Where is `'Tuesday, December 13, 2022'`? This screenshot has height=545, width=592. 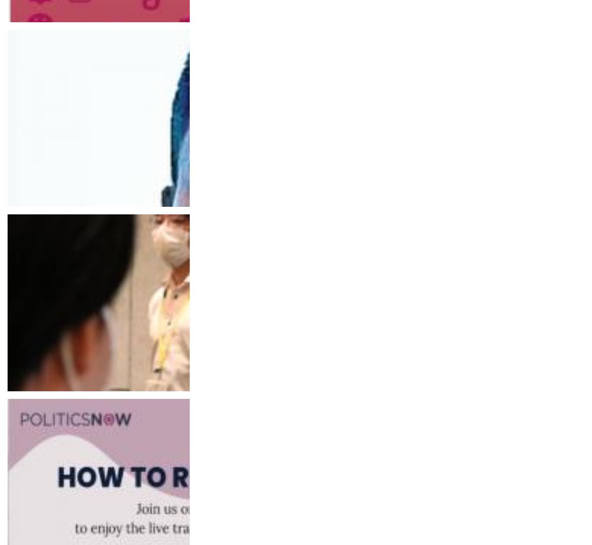 'Tuesday, December 13, 2022' is located at coordinates (60, 205).